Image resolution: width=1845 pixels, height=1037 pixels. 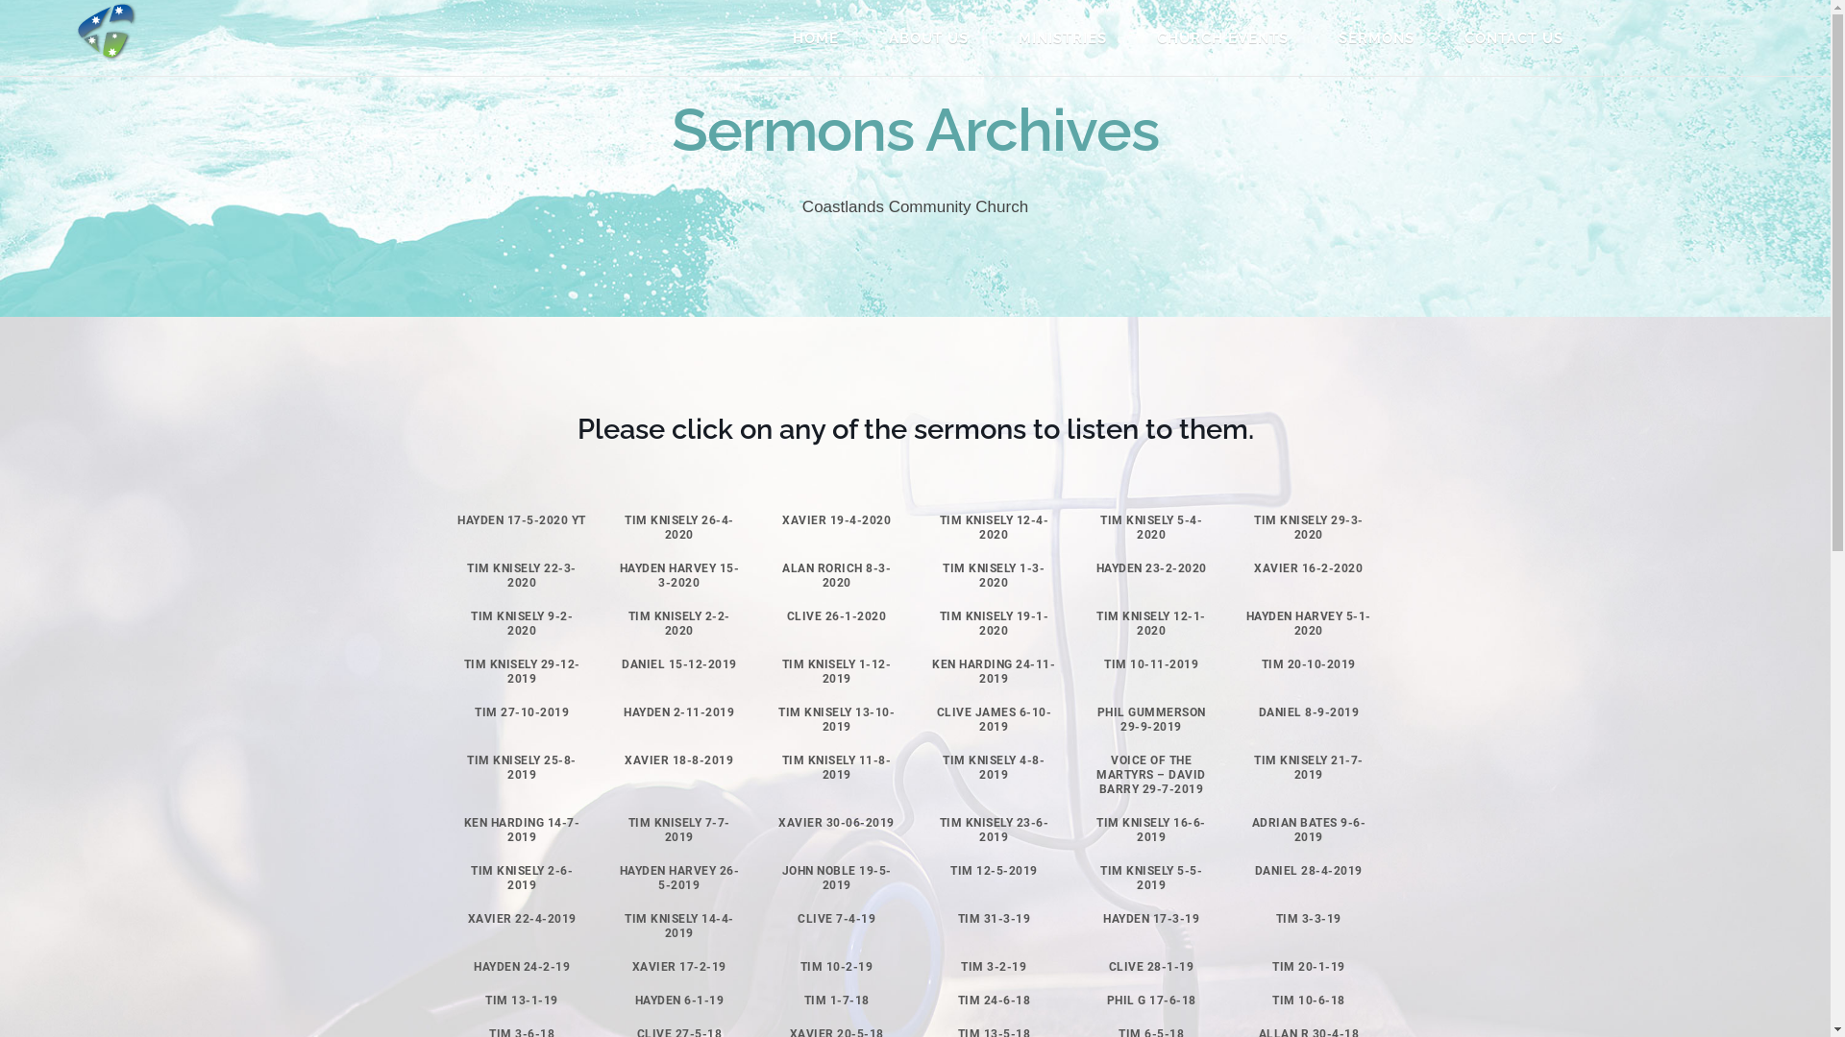 What do you see at coordinates (470, 623) in the screenshot?
I see `'TIM KNISELY 9-2-2020'` at bounding box center [470, 623].